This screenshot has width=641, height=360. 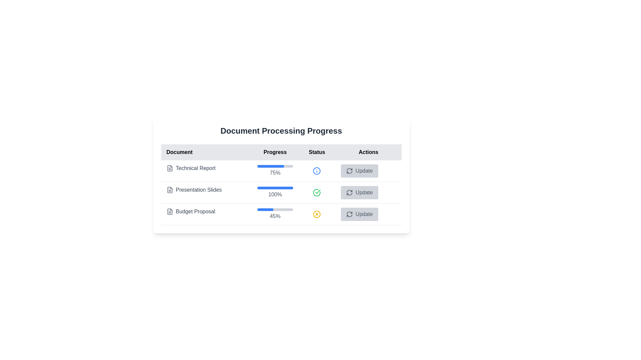 I want to click on the green checkmark icon in the 'Status' column indicating successful processing of the 'Presentation Slides' entry, so click(x=316, y=193).